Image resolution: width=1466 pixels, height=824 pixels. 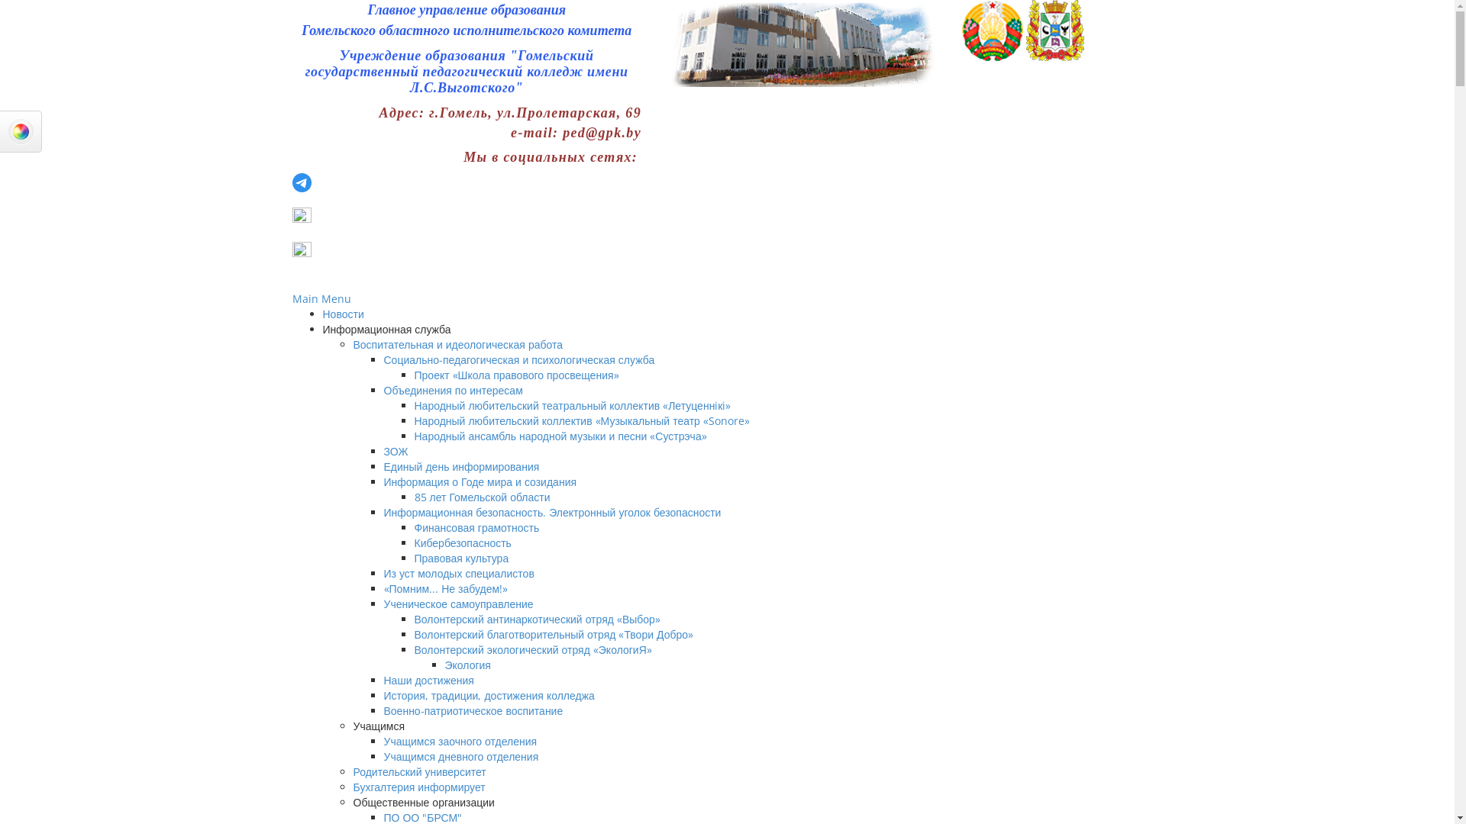 What do you see at coordinates (320, 298) in the screenshot?
I see `'Main Menu'` at bounding box center [320, 298].